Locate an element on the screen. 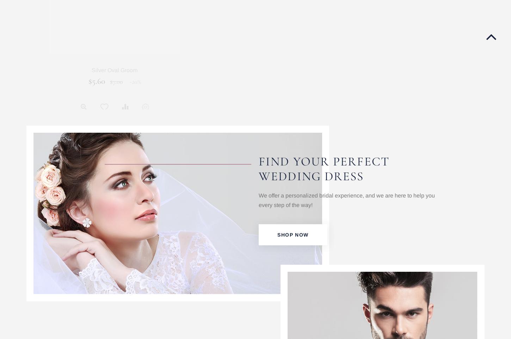  '$500.00' is located at coordinates (402, 81).